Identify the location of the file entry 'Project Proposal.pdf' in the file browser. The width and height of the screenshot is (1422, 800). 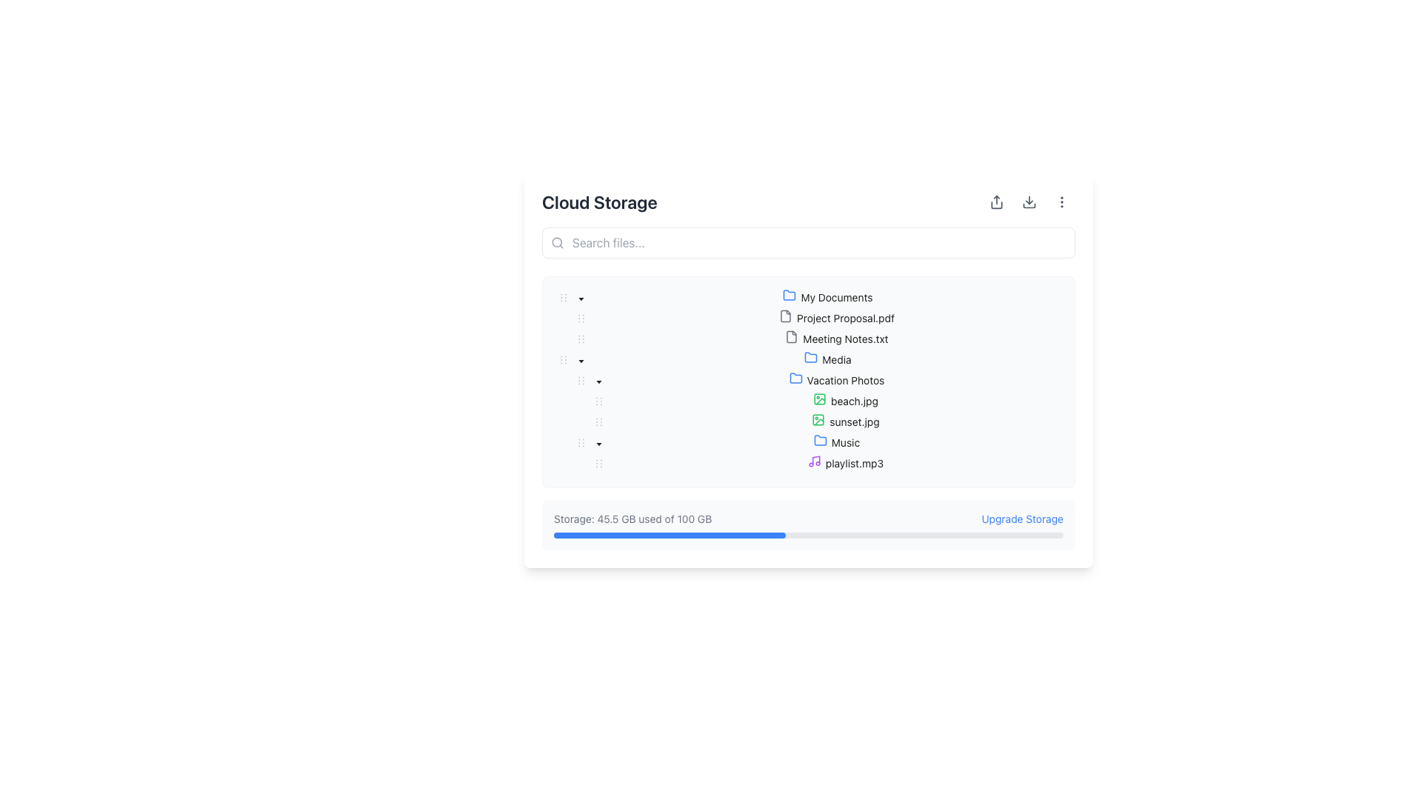
(836, 317).